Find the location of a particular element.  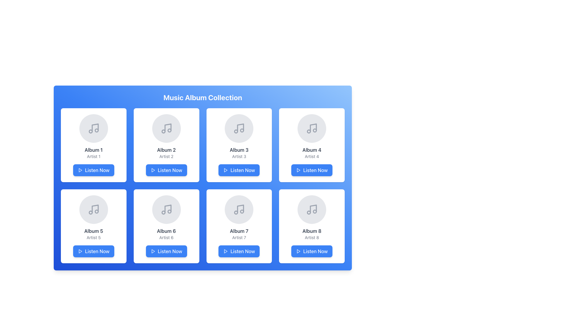

the music album icon located in the top-left corner of the first album card titled 'Album 1' by 'Artist 1', which is centered inside a circular frame is located at coordinates (93, 128).